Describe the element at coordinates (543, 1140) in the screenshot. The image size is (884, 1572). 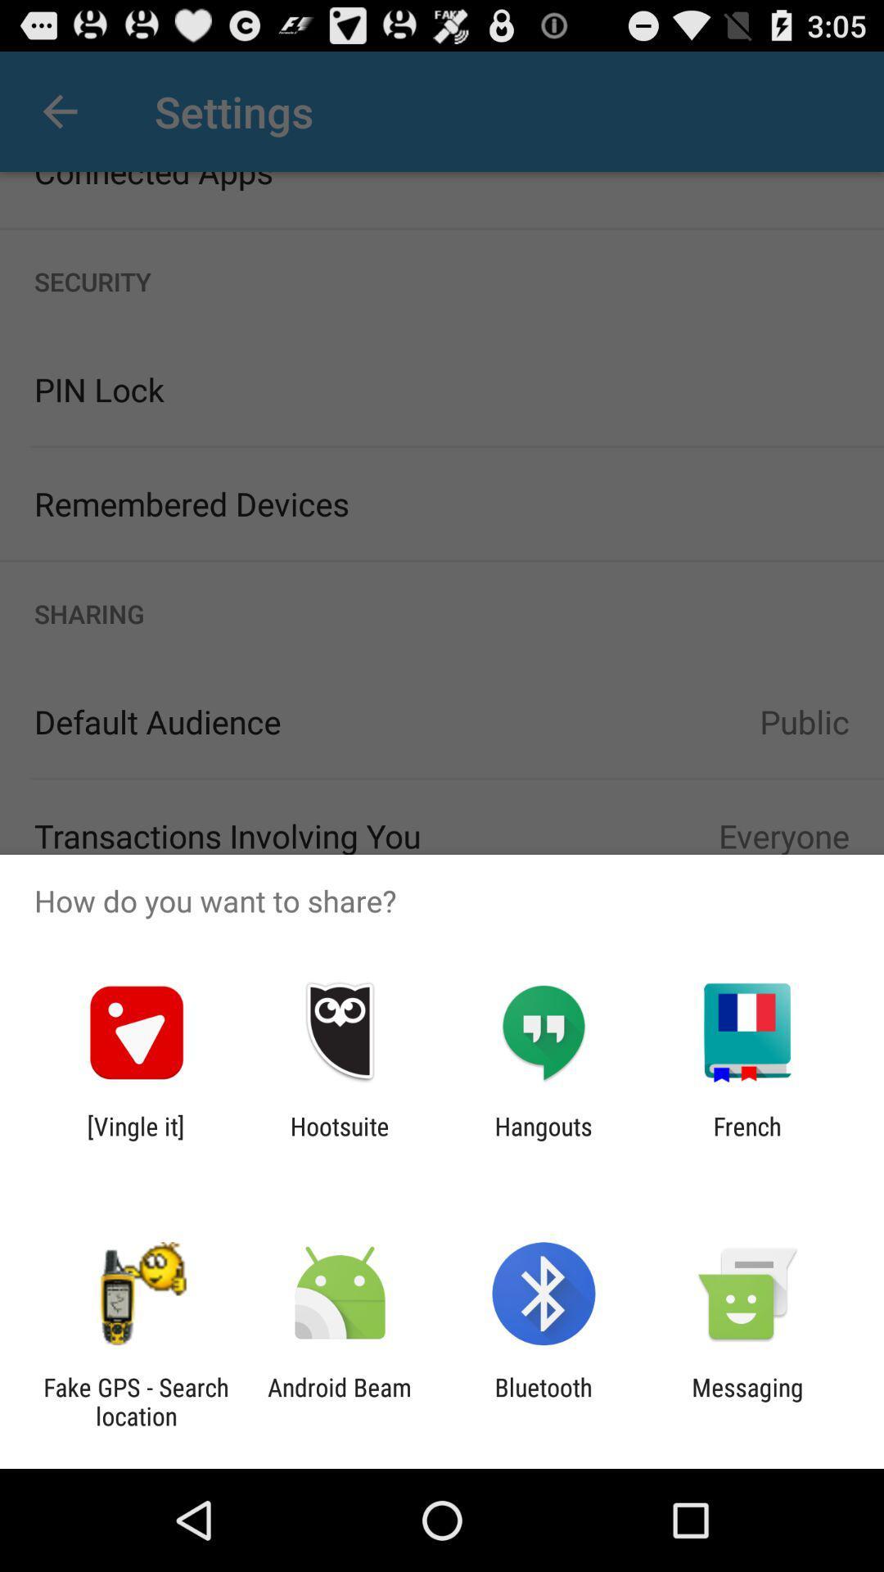
I see `icon next to the french item` at that location.